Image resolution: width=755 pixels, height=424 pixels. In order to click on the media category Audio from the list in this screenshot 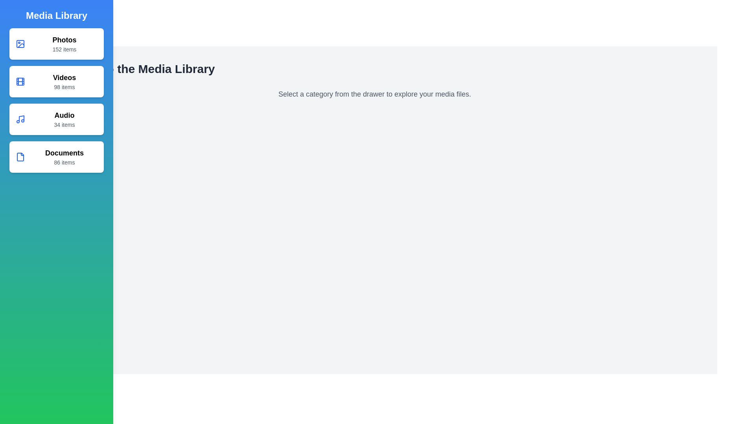, I will do `click(56, 119)`.